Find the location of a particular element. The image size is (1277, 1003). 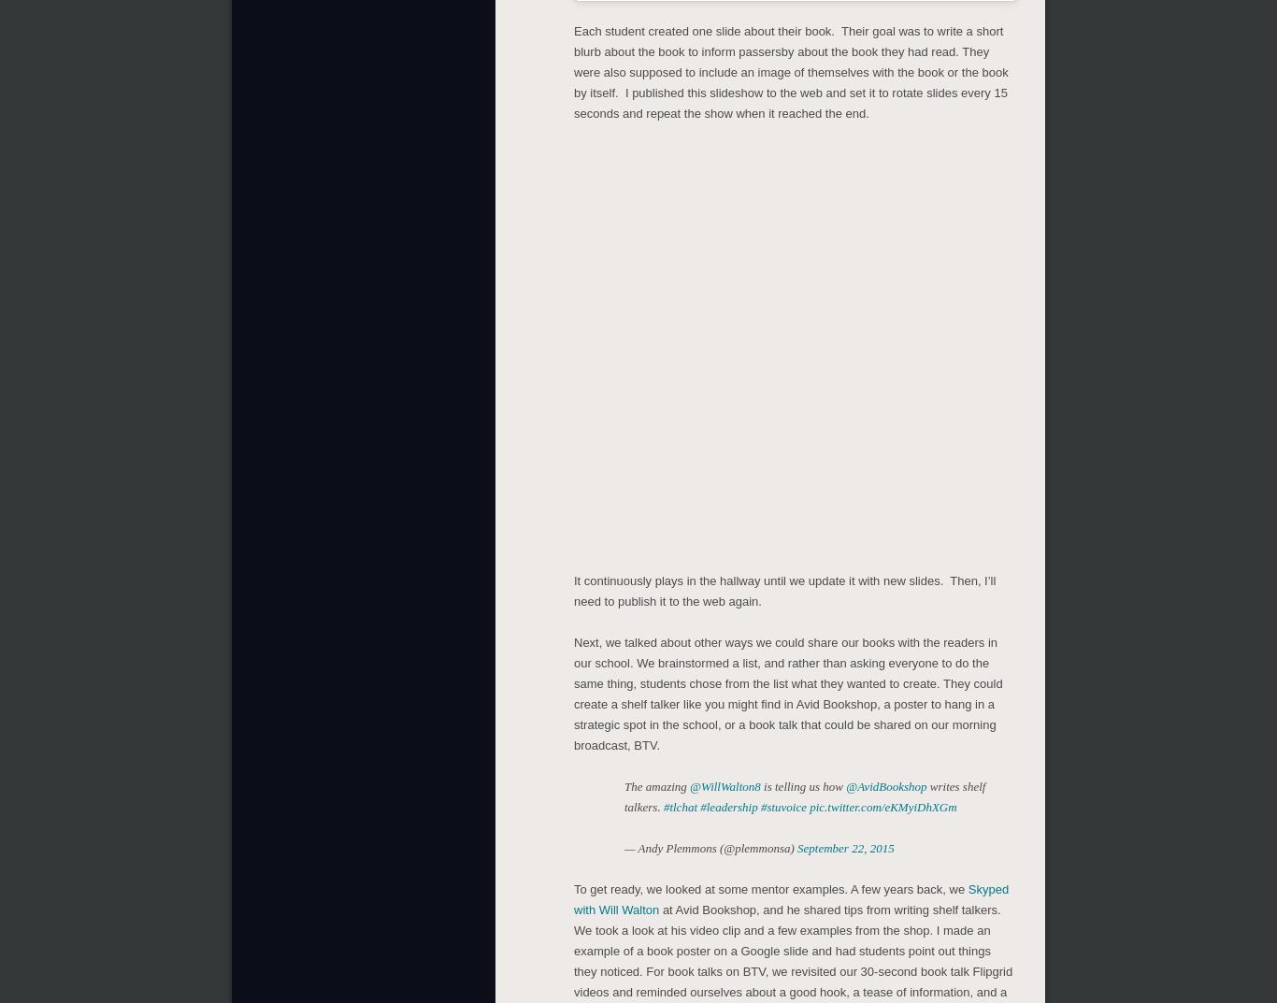

'@AvidBookshop' is located at coordinates (844, 785).